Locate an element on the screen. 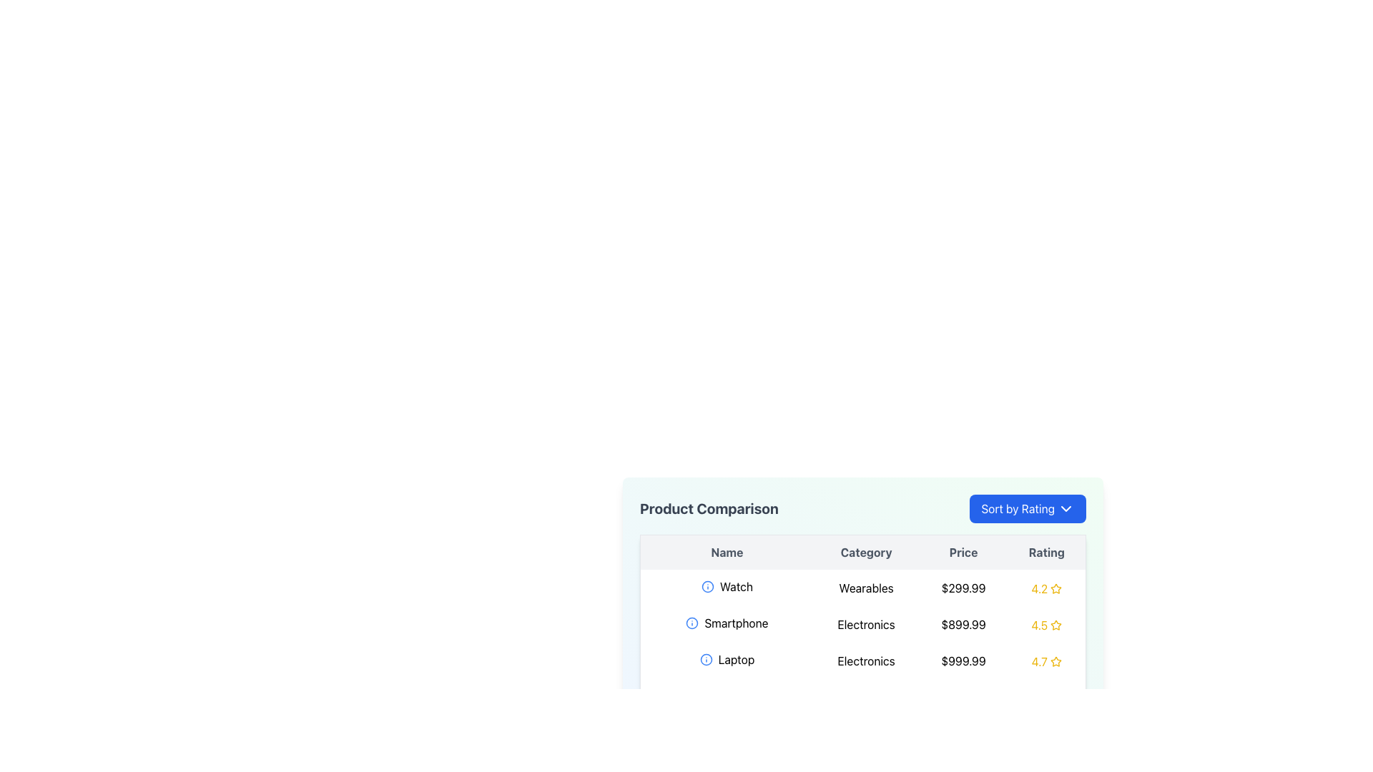 Image resolution: width=1373 pixels, height=772 pixels. text displayed in the 'Price' column for the 'Smartphone' item, located in the third row of the product comparison table is located at coordinates (963, 623).